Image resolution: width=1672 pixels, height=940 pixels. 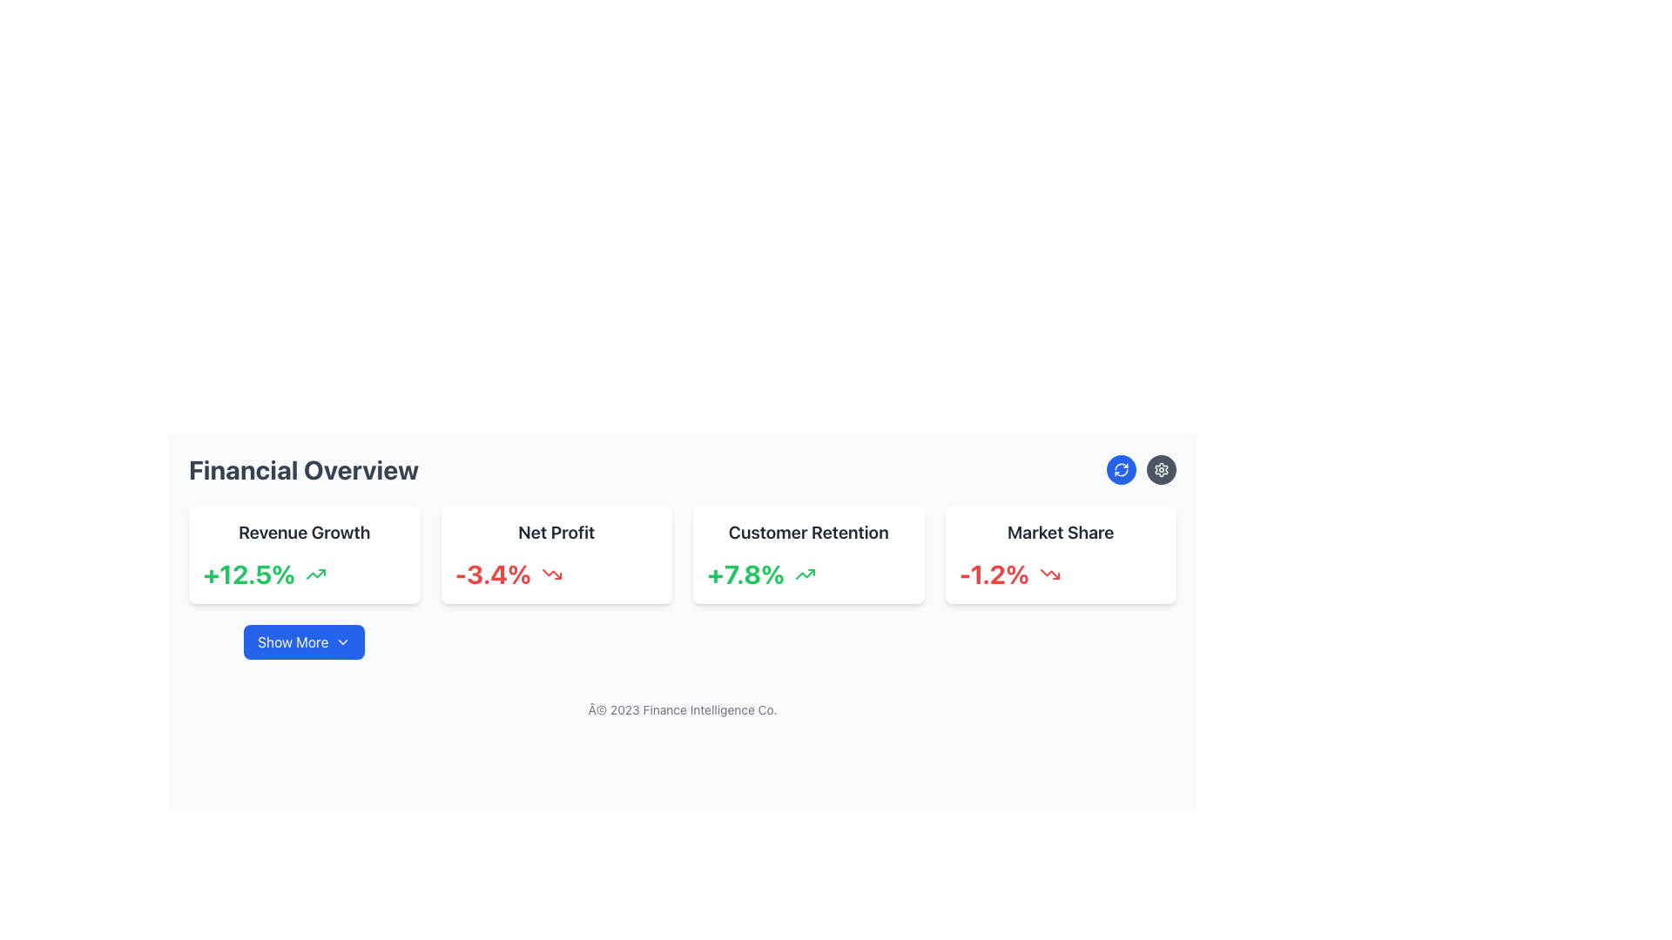 I want to click on the displayed information on the data display card that shows 'Market Share' with a value of '-1.2%' in red color, located in the Financial Overview section, so click(x=1060, y=554).